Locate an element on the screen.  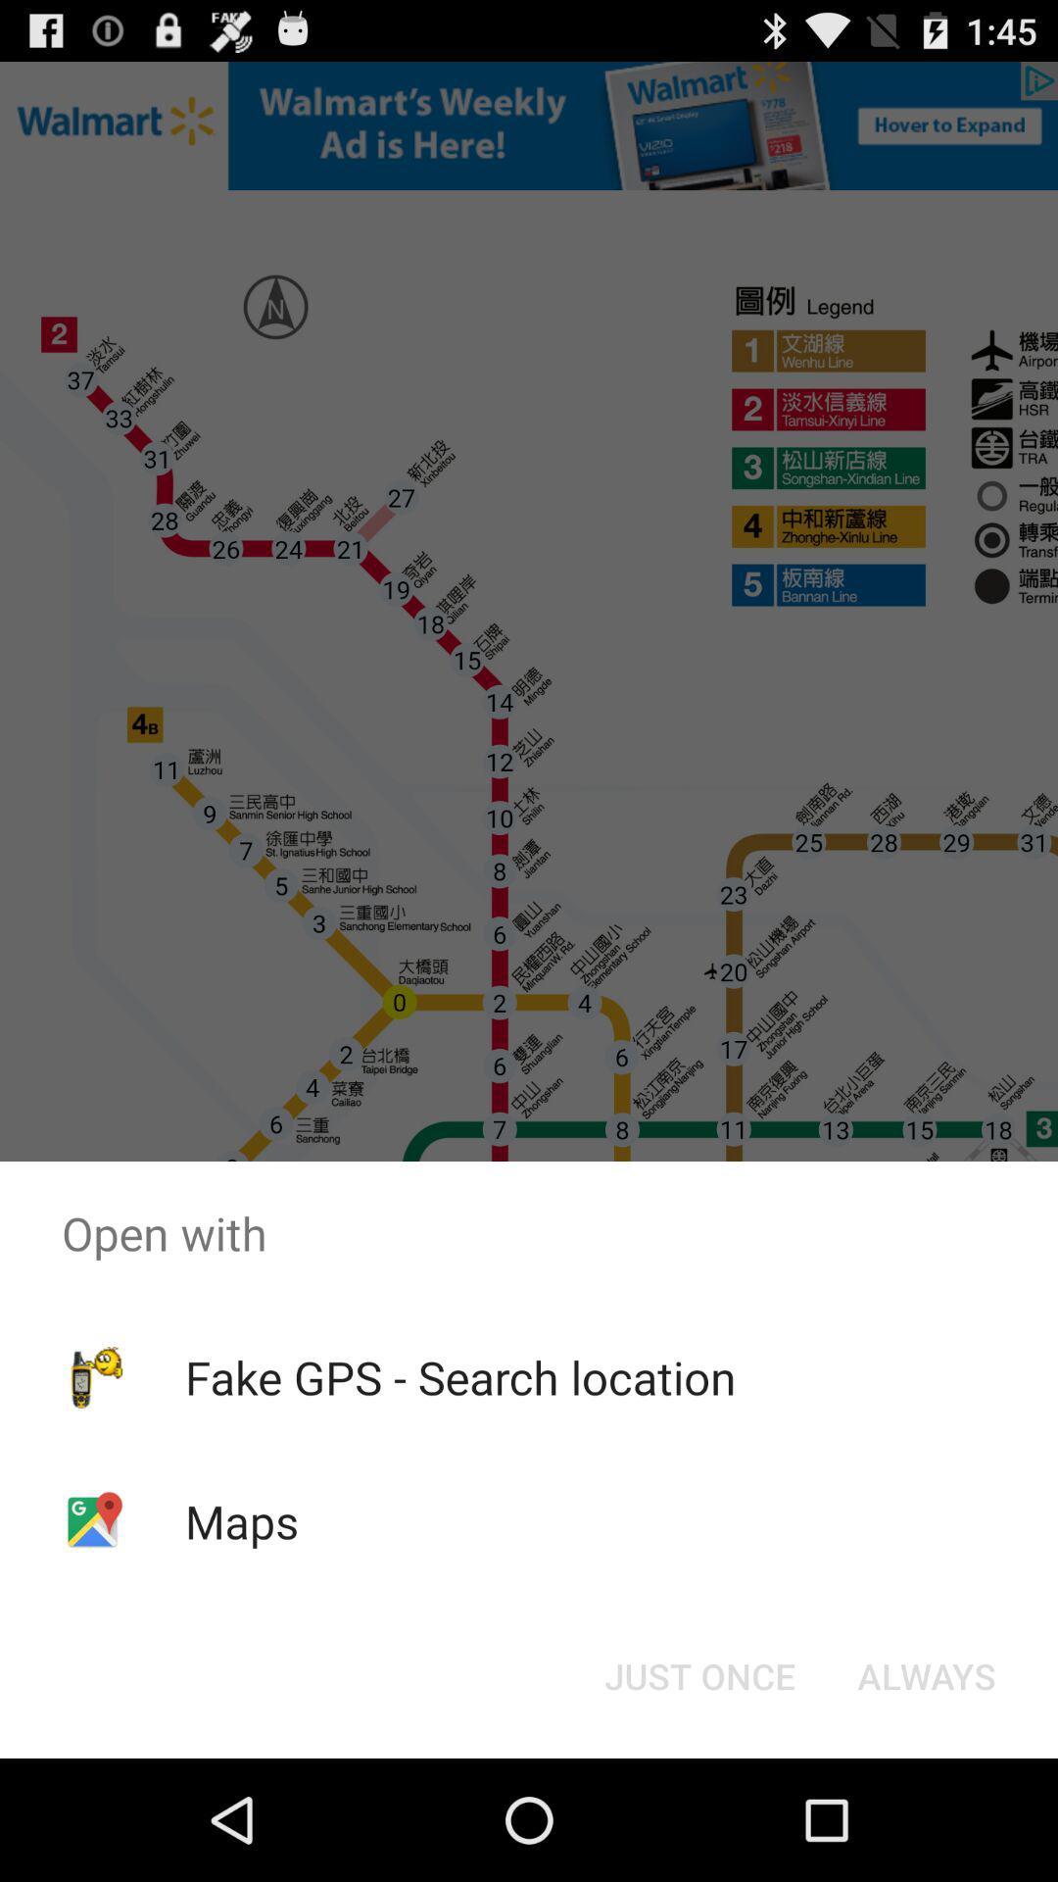
maps is located at coordinates (241, 1520).